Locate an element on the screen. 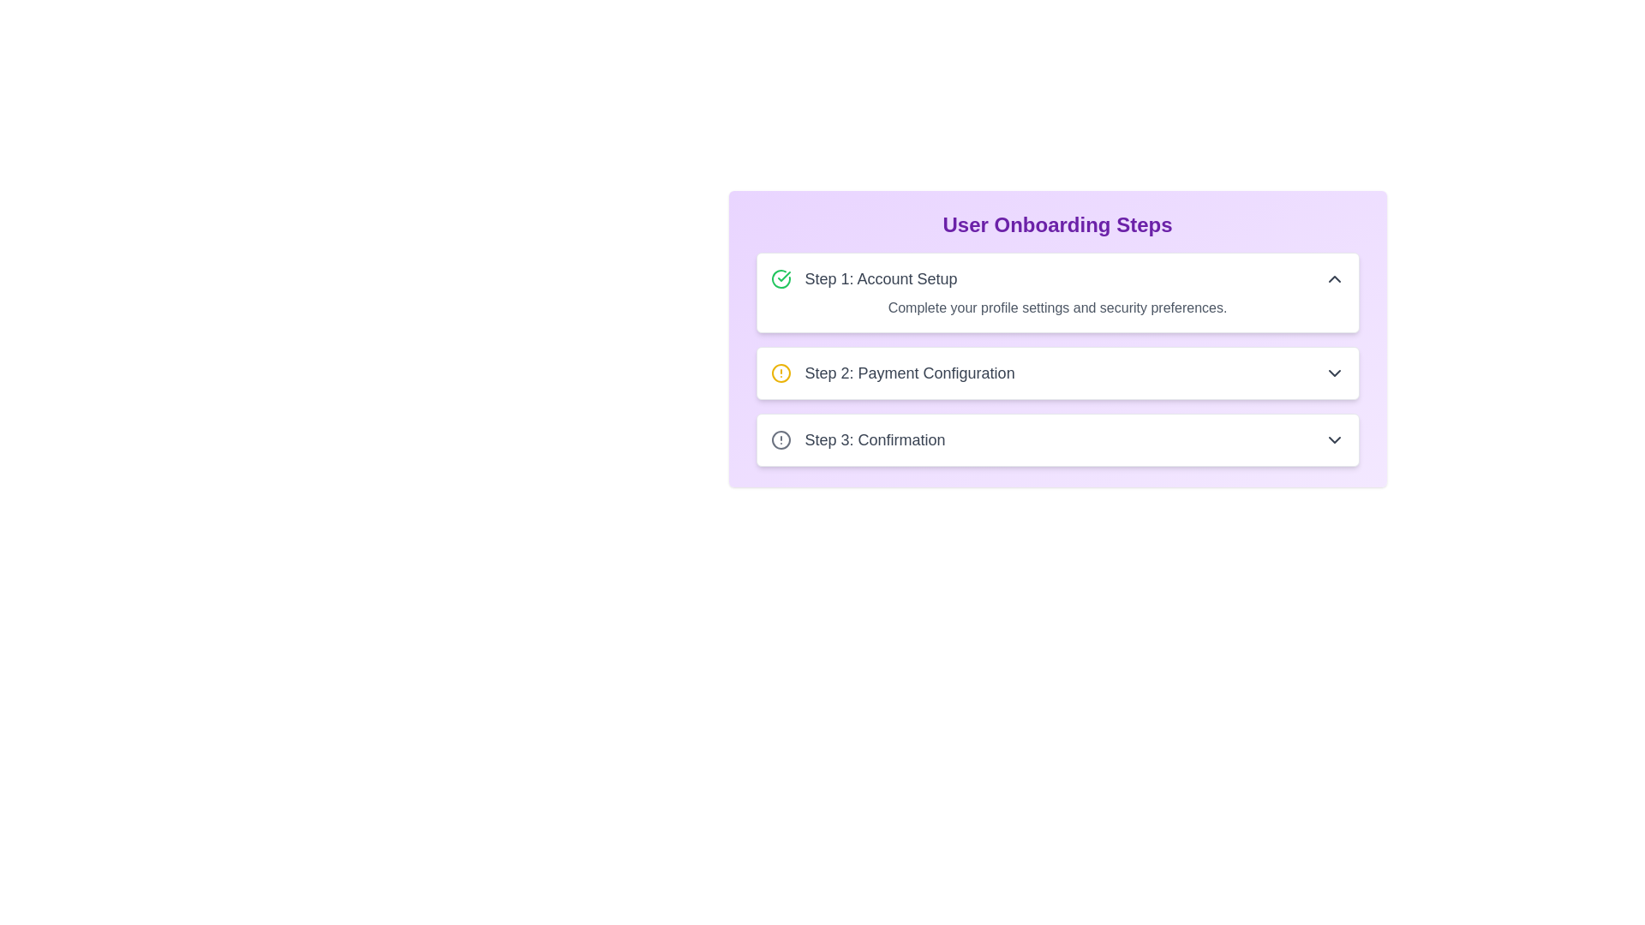 This screenshot has width=1645, height=925. the text label 'Step 1: Account Setup' with the green checkmark icon is located at coordinates (864, 278).